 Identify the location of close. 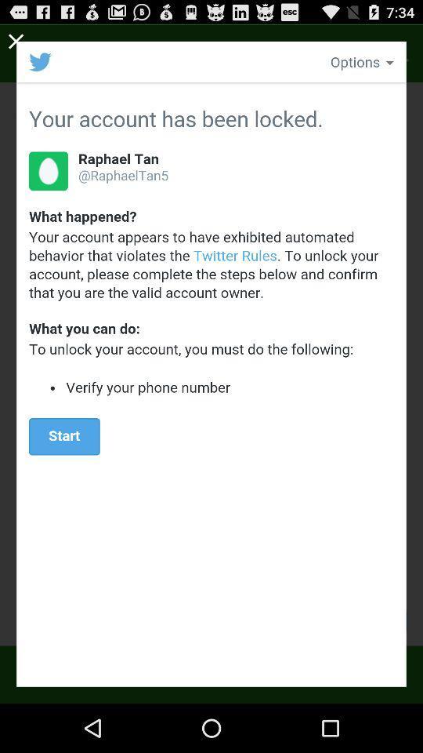
(16, 40).